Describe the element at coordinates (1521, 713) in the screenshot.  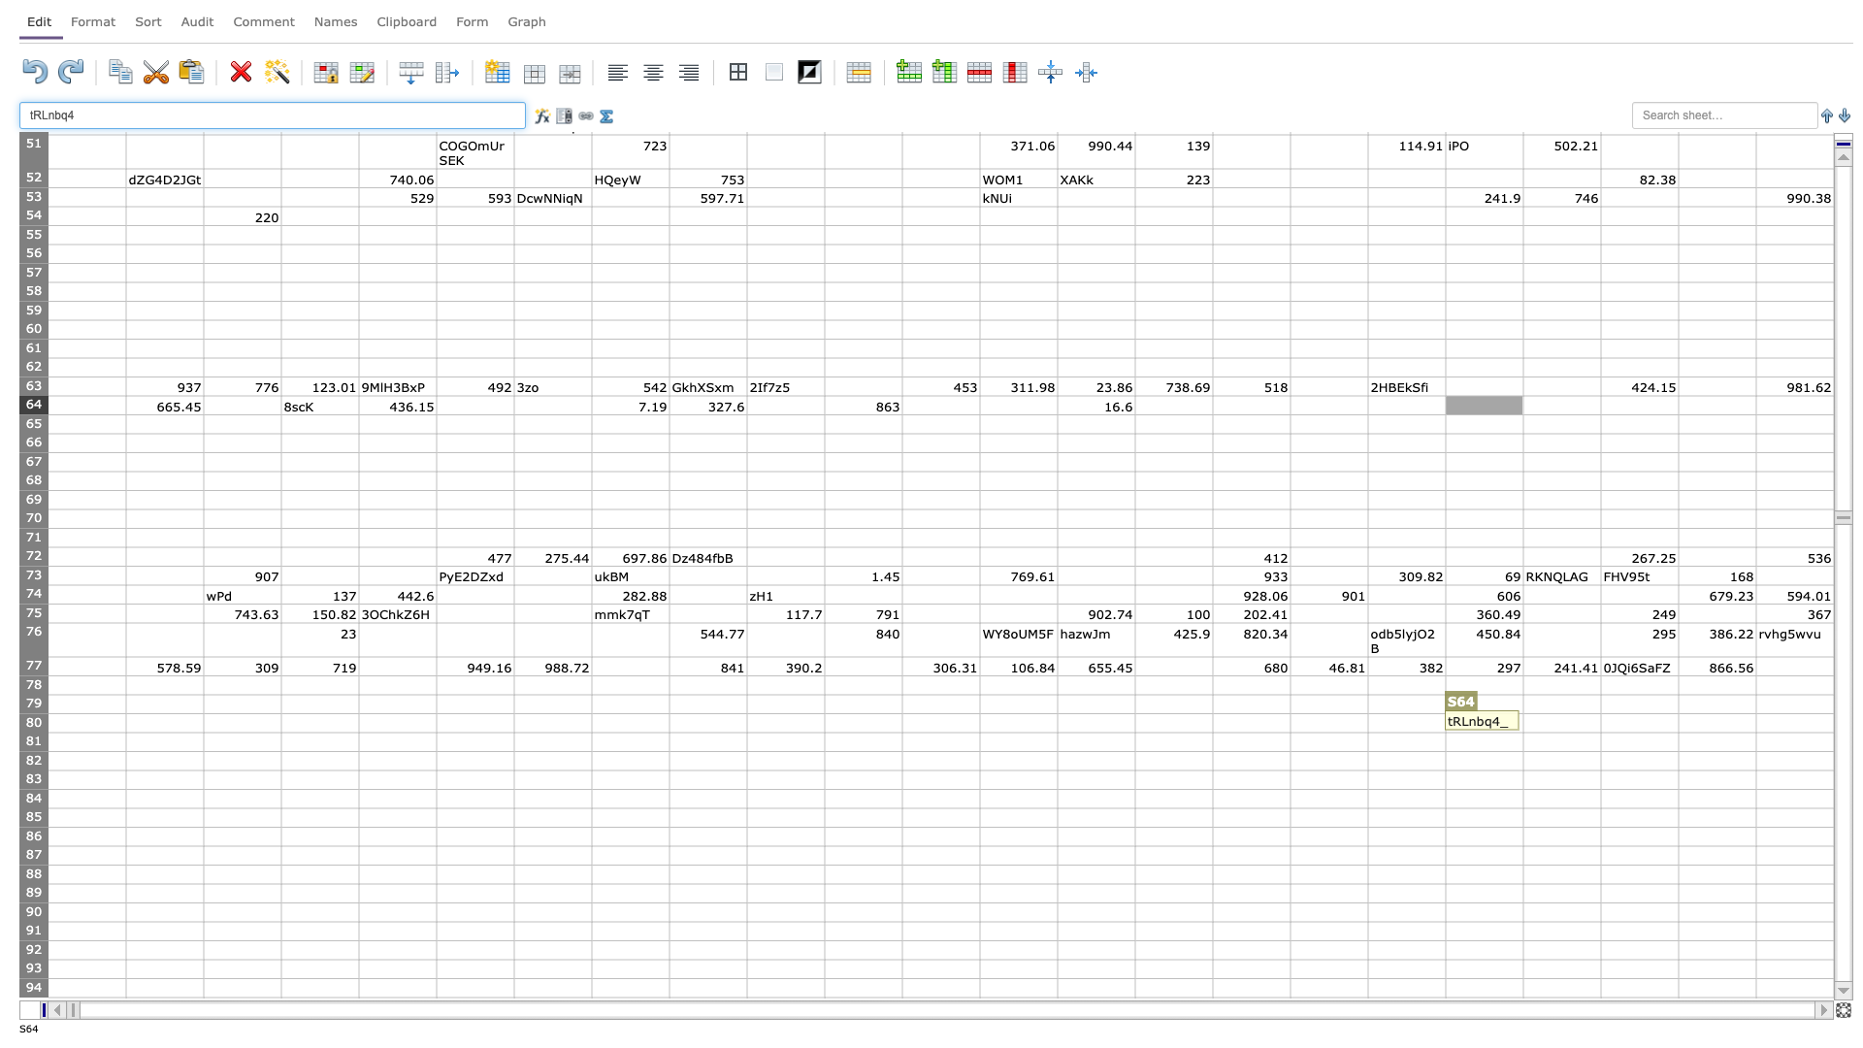
I see `Top left corner of cell T-80` at that location.